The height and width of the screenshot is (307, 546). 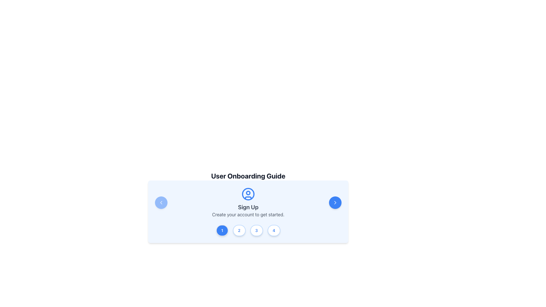 What do you see at coordinates (248, 192) in the screenshot?
I see `the decorative circle within the user profile icon, which is located above the 'Sign Up' text in the upper-center area of the card` at bounding box center [248, 192].